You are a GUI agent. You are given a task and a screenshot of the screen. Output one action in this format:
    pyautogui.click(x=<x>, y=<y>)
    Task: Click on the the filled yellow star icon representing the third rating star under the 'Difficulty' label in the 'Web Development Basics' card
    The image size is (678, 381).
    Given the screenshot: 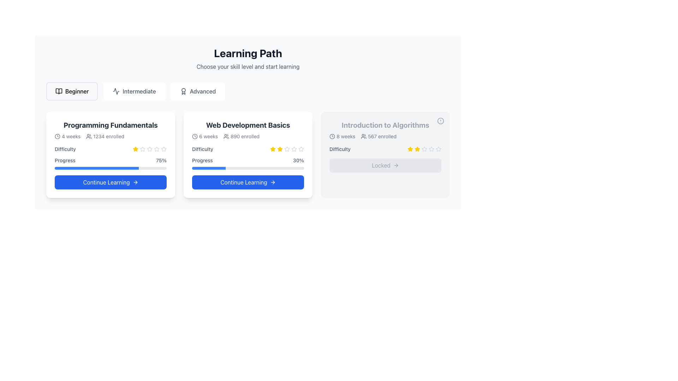 What is the action you would take?
    pyautogui.click(x=279, y=149)
    